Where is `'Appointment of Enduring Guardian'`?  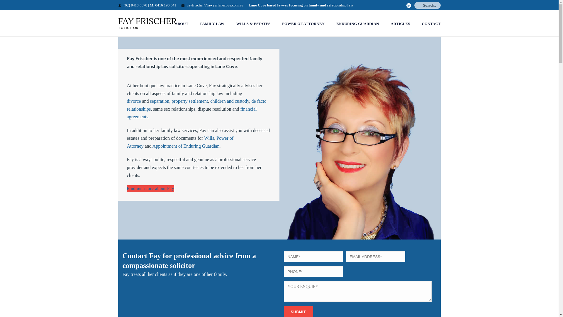 'Appointment of Enduring Guardian' is located at coordinates (186, 146).